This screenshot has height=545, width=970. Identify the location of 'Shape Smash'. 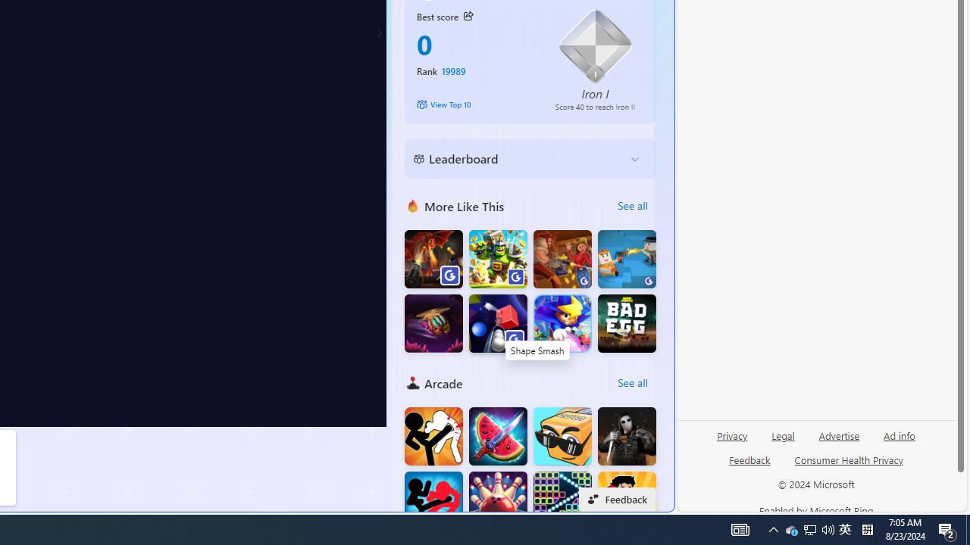
(498, 322).